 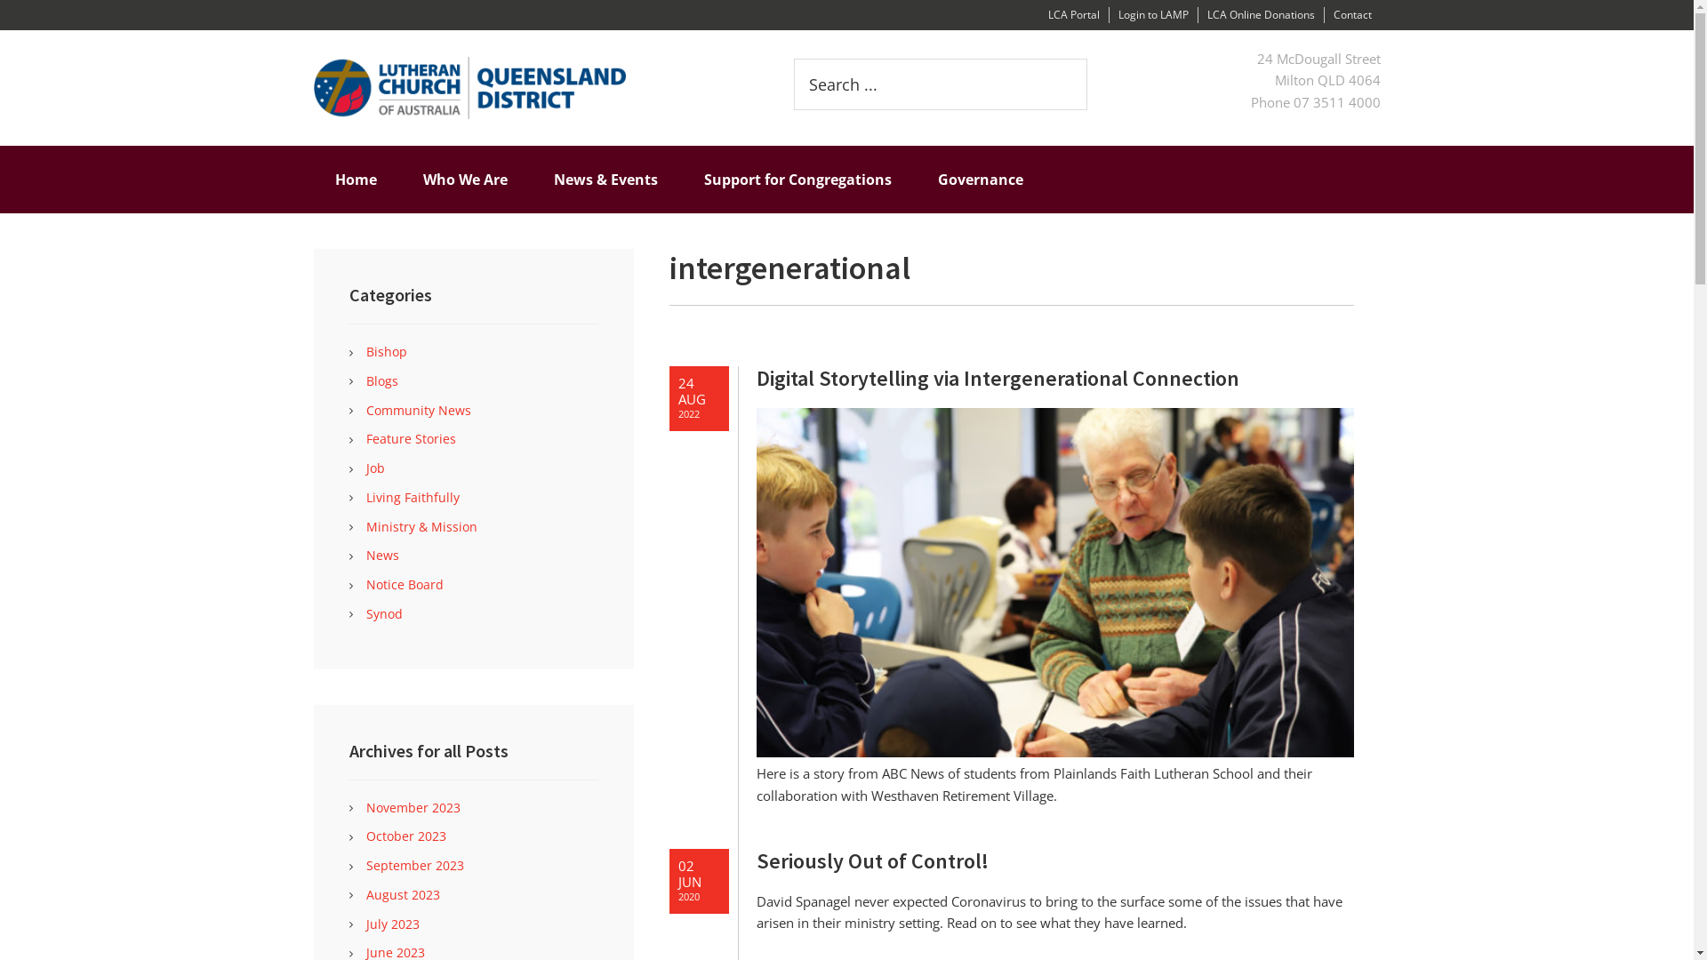 What do you see at coordinates (421, 524) in the screenshot?
I see `'Ministry & Mission'` at bounding box center [421, 524].